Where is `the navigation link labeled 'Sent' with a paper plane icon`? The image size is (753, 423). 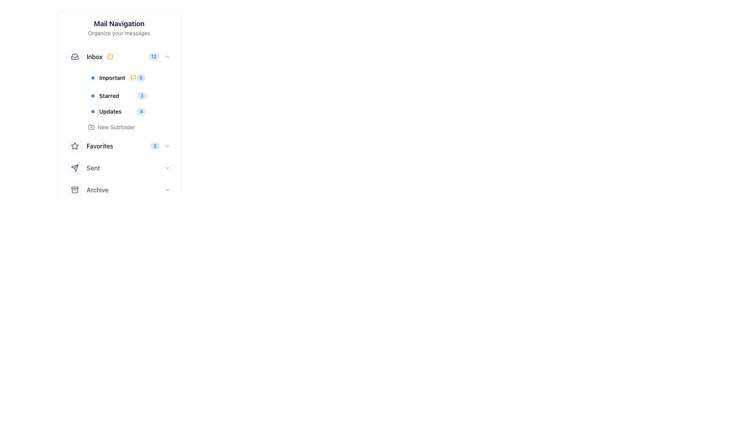
the navigation link labeled 'Sent' with a paper plane icon is located at coordinates (84, 167).